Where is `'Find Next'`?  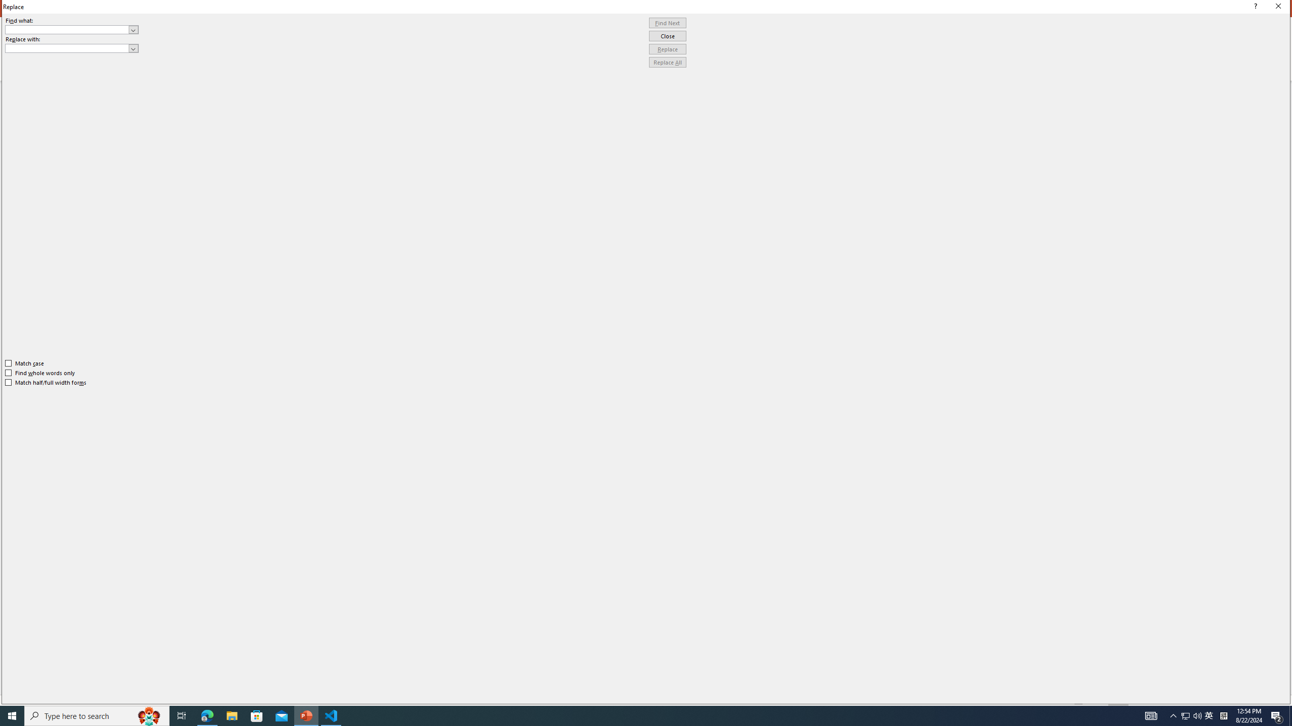
'Find Next' is located at coordinates (667, 23).